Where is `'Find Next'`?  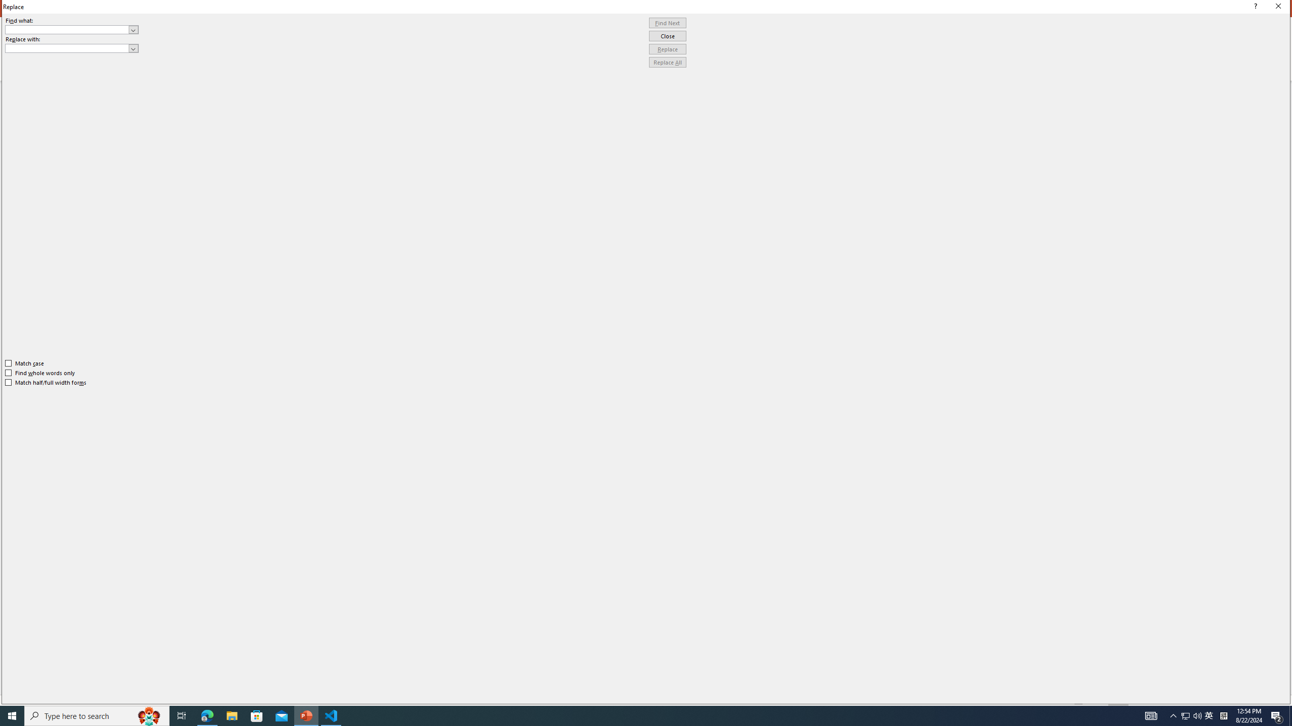
'Find Next' is located at coordinates (667, 23).